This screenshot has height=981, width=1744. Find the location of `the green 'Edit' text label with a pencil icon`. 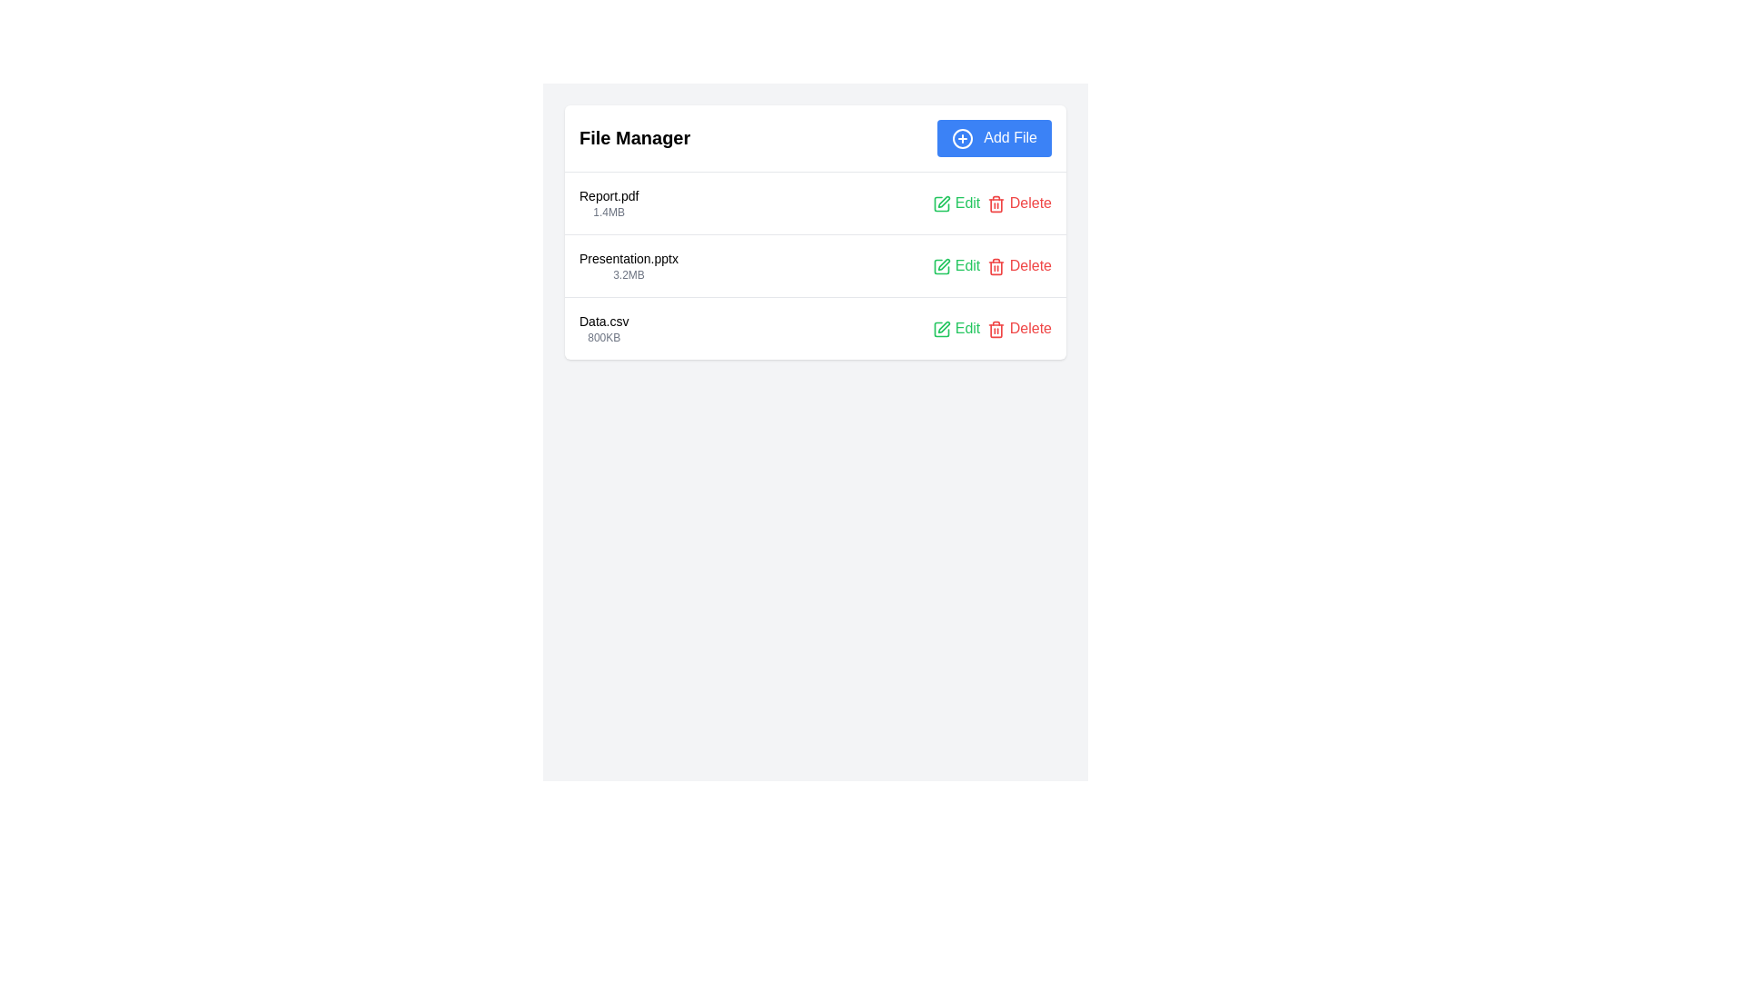

the green 'Edit' text label with a pencil icon is located at coordinates (956, 265).